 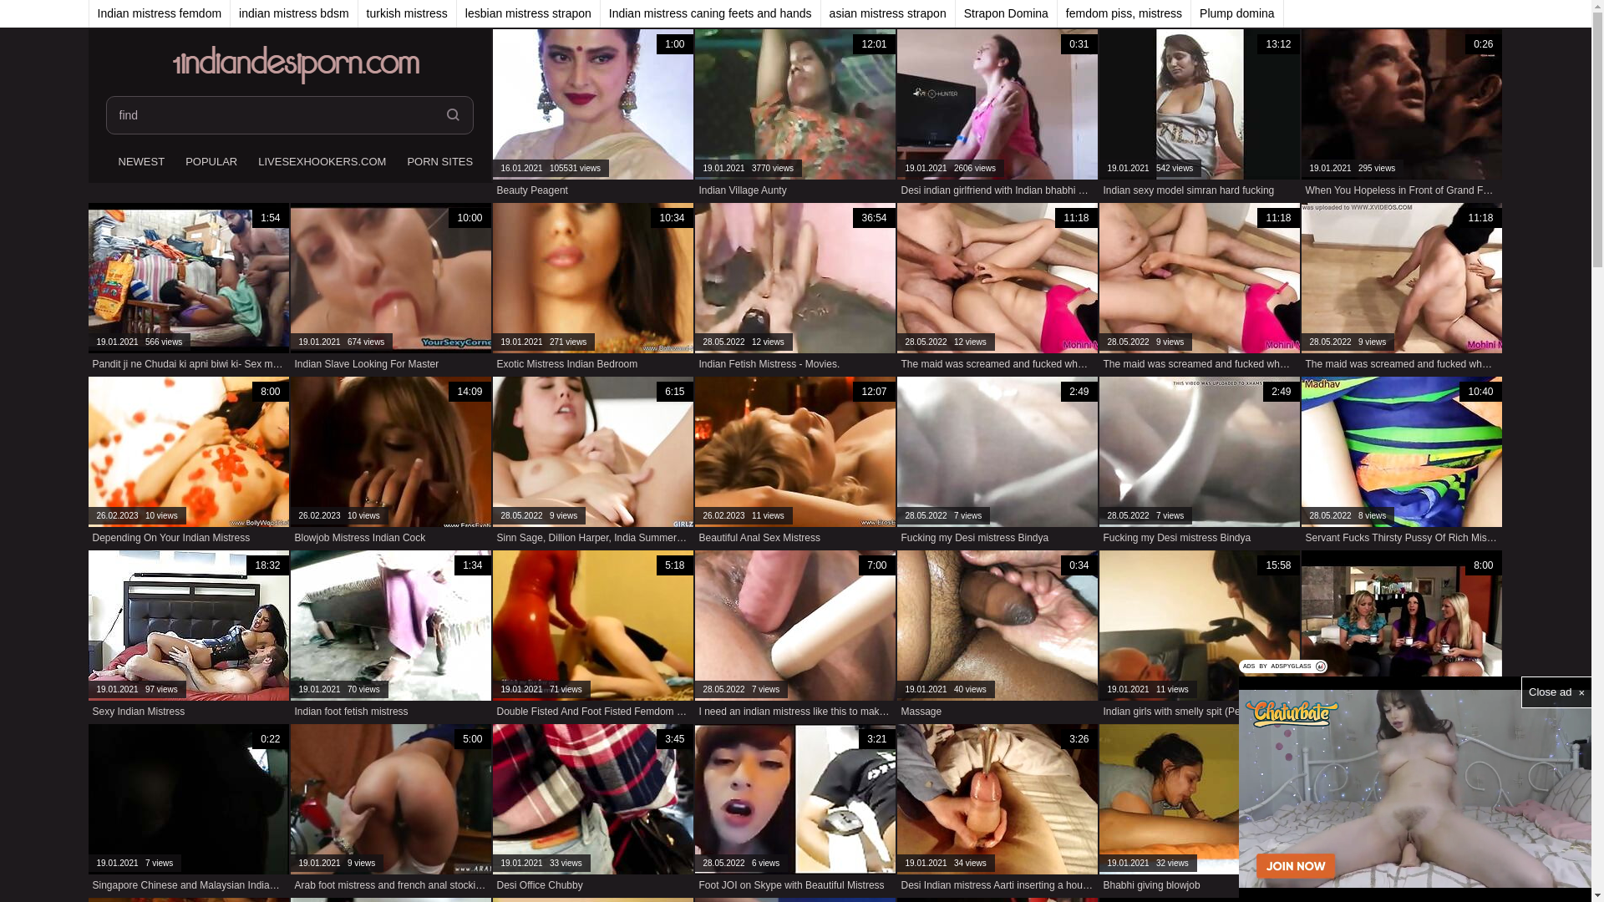 I want to click on 'PORN SITES', so click(x=437, y=163).